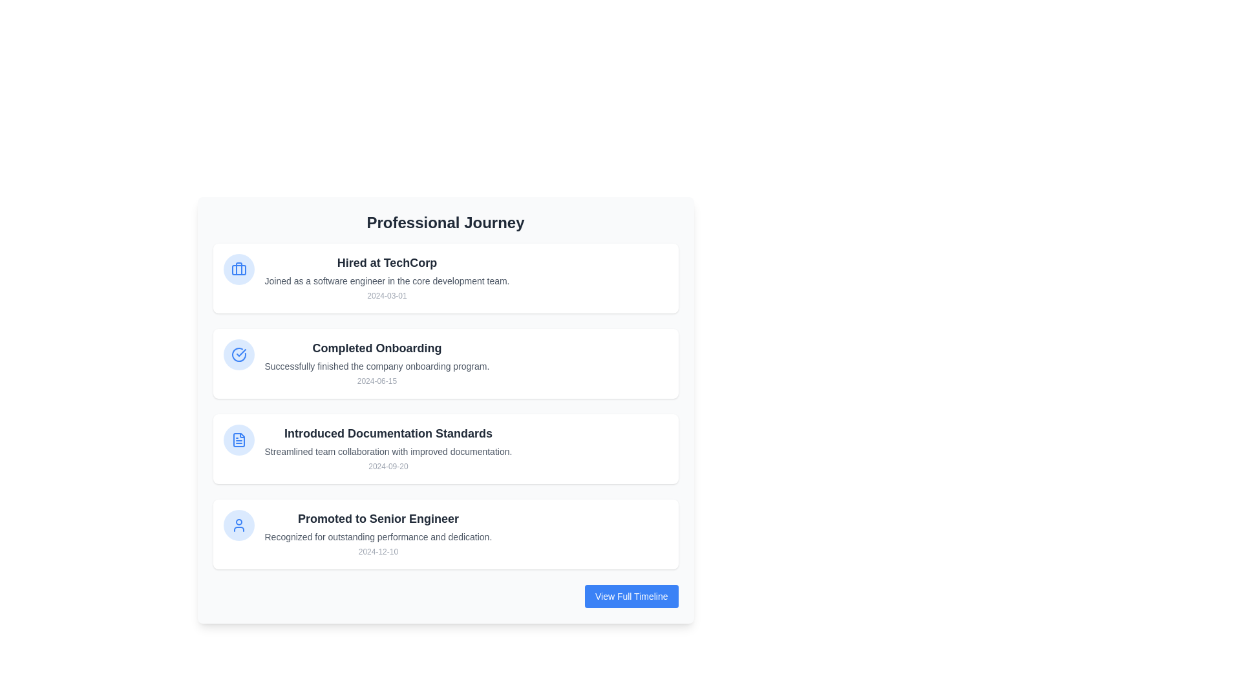 Image resolution: width=1241 pixels, height=698 pixels. What do you see at coordinates (387, 434) in the screenshot?
I see `title text for the third event in the 'Professional Journey' section, which is located between 'Completed Onboarding' and 'Promoted to Senior Engineer'` at bounding box center [387, 434].